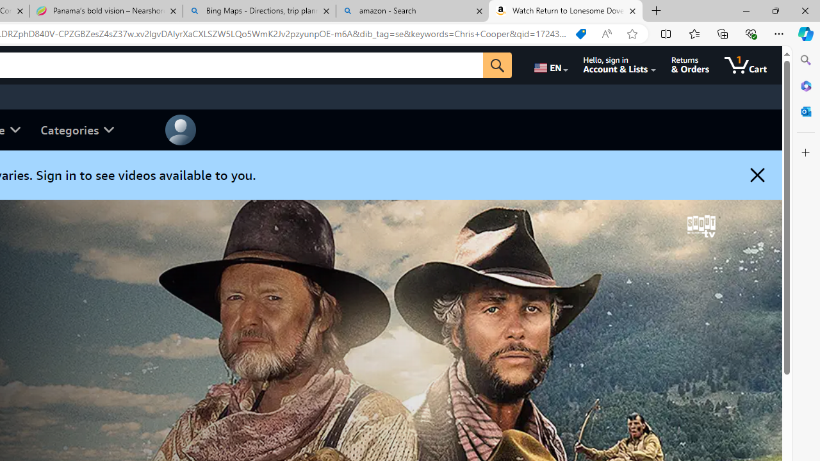  I want to click on 'Choose a language for shopping.', so click(550, 65).